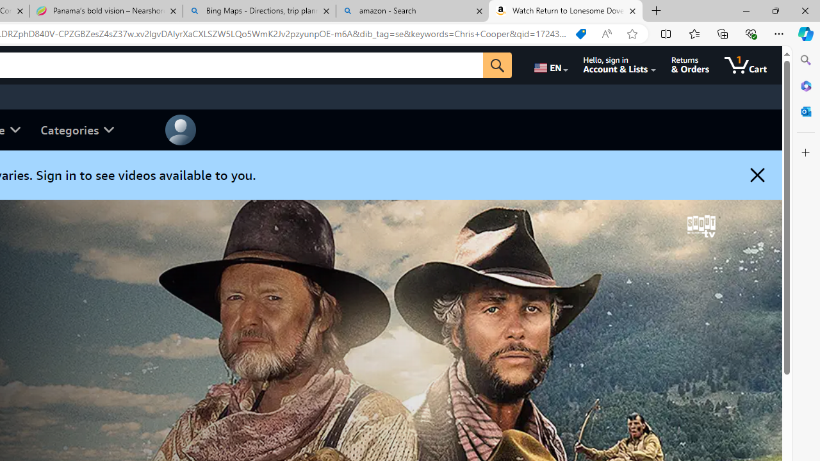  I want to click on 'Choose a language for shopping.', so click(550, 65).